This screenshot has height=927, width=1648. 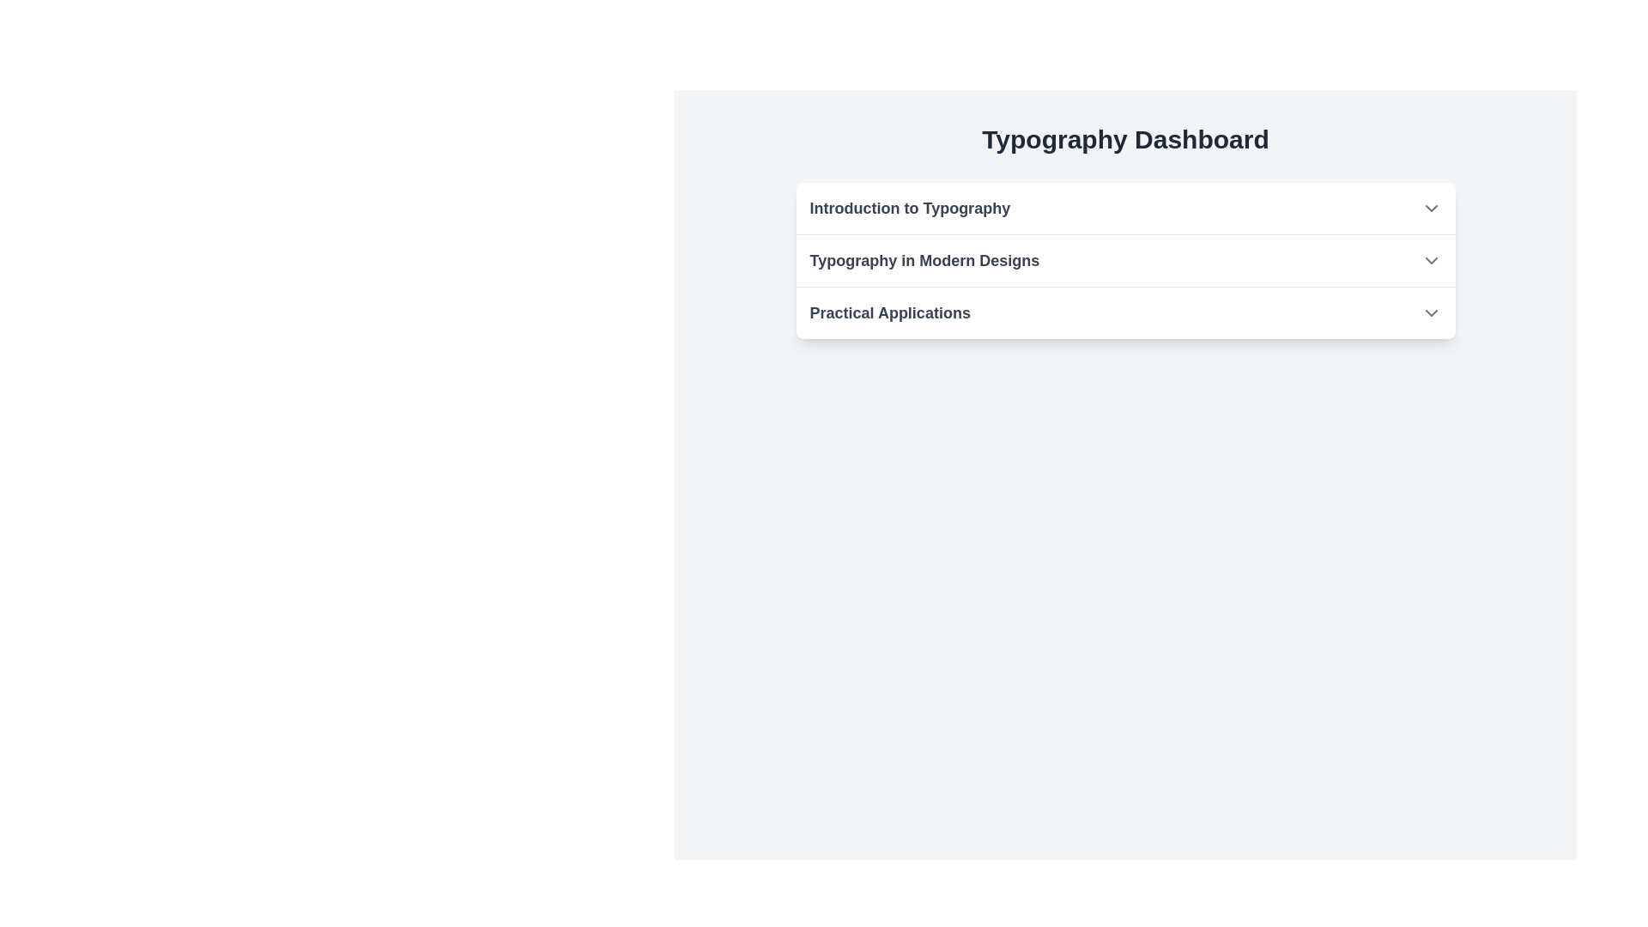 What do you see at coordinates (1431, 261) in the screenshot?
I see `the downward-pointing gray chevron icon located to the right of the text 'Typography in Modern Designs'` at bounding box center [1431, 261].